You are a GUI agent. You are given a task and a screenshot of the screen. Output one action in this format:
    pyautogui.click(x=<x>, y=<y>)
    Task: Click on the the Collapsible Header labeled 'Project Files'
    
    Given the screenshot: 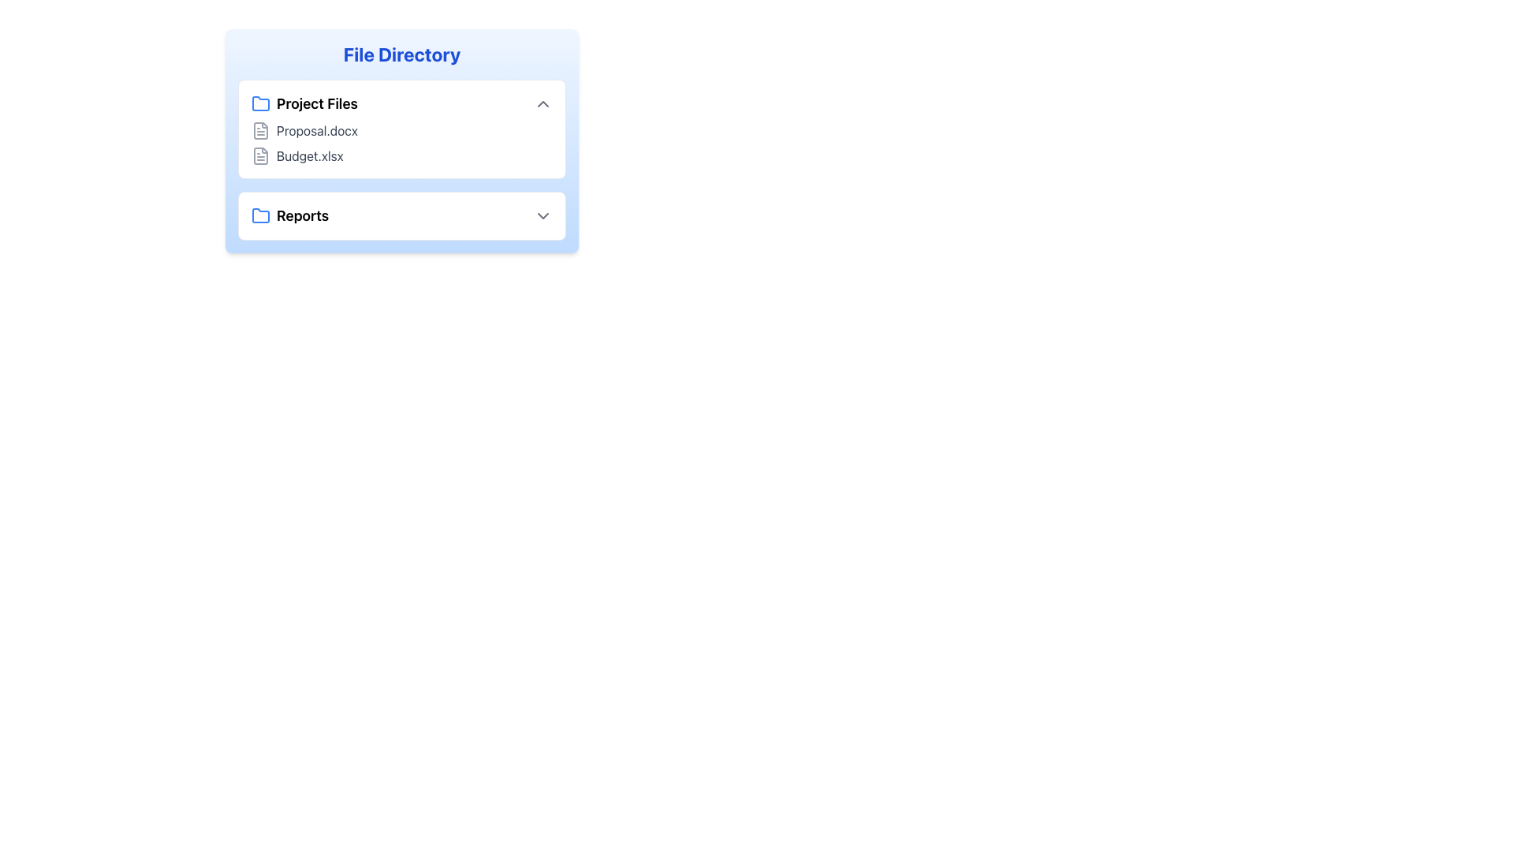 What is the action you would take?
    pyautogui.click(x=401, y=103)
    